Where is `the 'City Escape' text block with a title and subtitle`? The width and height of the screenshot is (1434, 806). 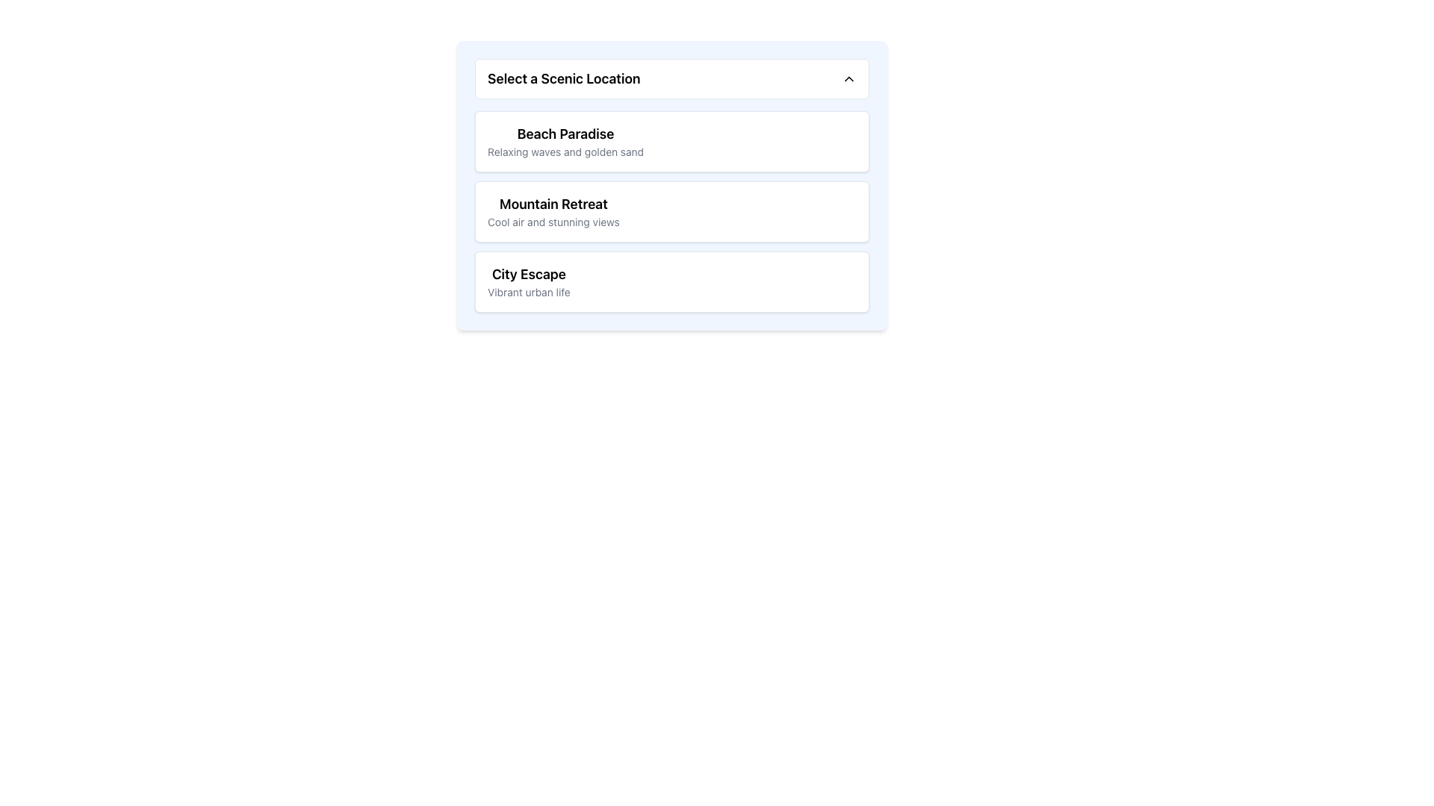
the 'City Escape' text block with a title and subtitle is located at coordinates (529, 282).